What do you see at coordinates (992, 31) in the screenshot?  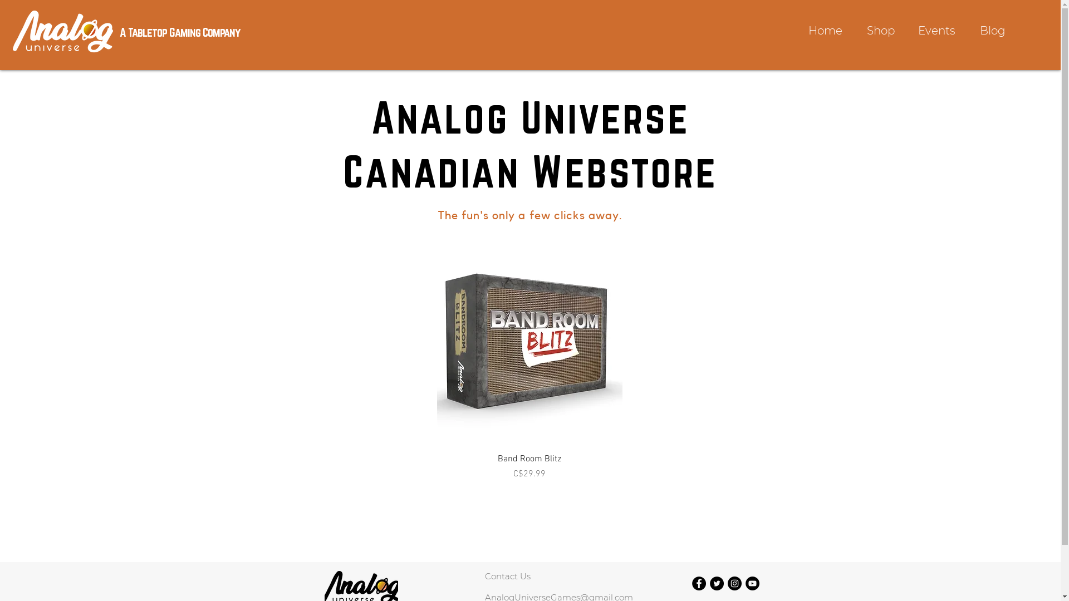 I see `'Blog'` at bounding box center [992, 31].